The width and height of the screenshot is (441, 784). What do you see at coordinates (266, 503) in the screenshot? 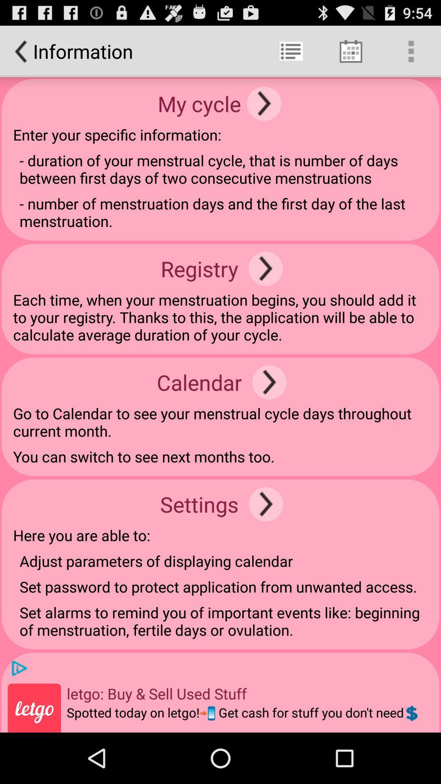
I see `app next to settings` at bounding box center [266, 503].